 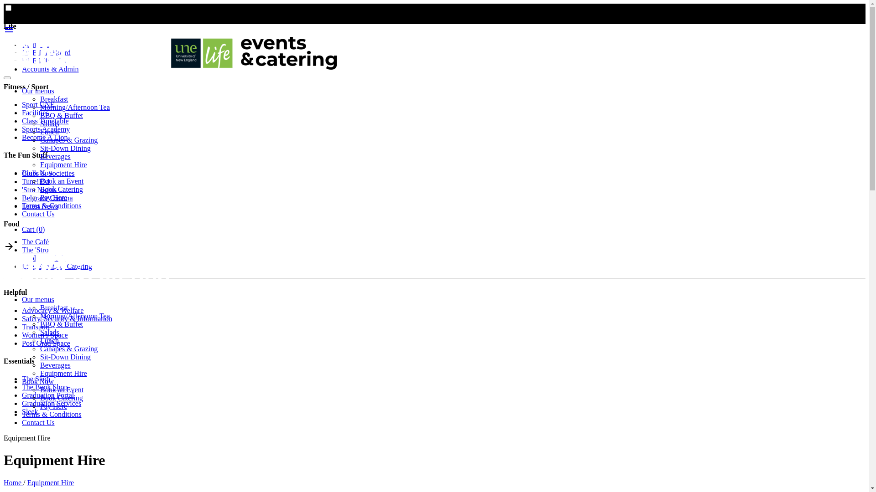 What do you see at coordinates (47, 173) in the screenshot?
I see `'Clubs & Societies'` at bounding box center [47, 173].